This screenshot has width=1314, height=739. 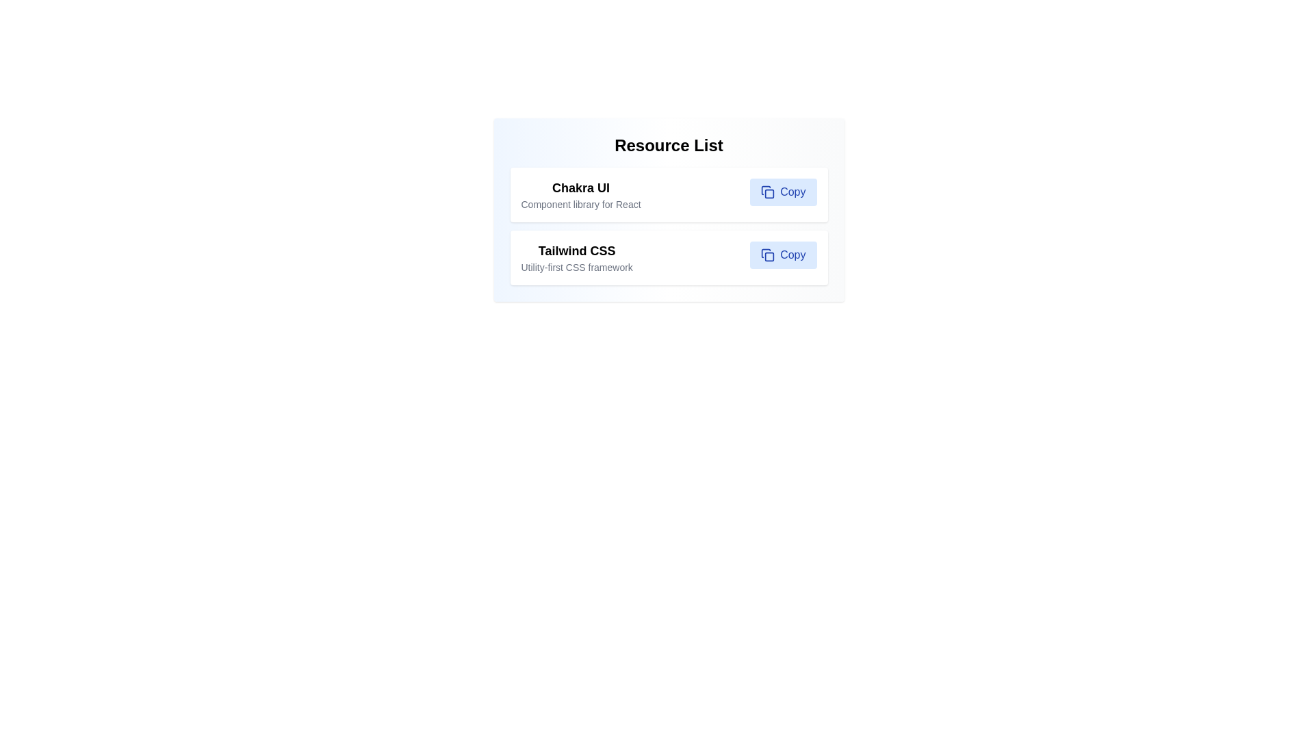 What do you see at coordinates (765, 253) in the screenshot?
I see `the small document or copy icon located on the right side of the 'Tailwind CSS' row to potentially reveal a tooltip` at bounding box center [765, 253].